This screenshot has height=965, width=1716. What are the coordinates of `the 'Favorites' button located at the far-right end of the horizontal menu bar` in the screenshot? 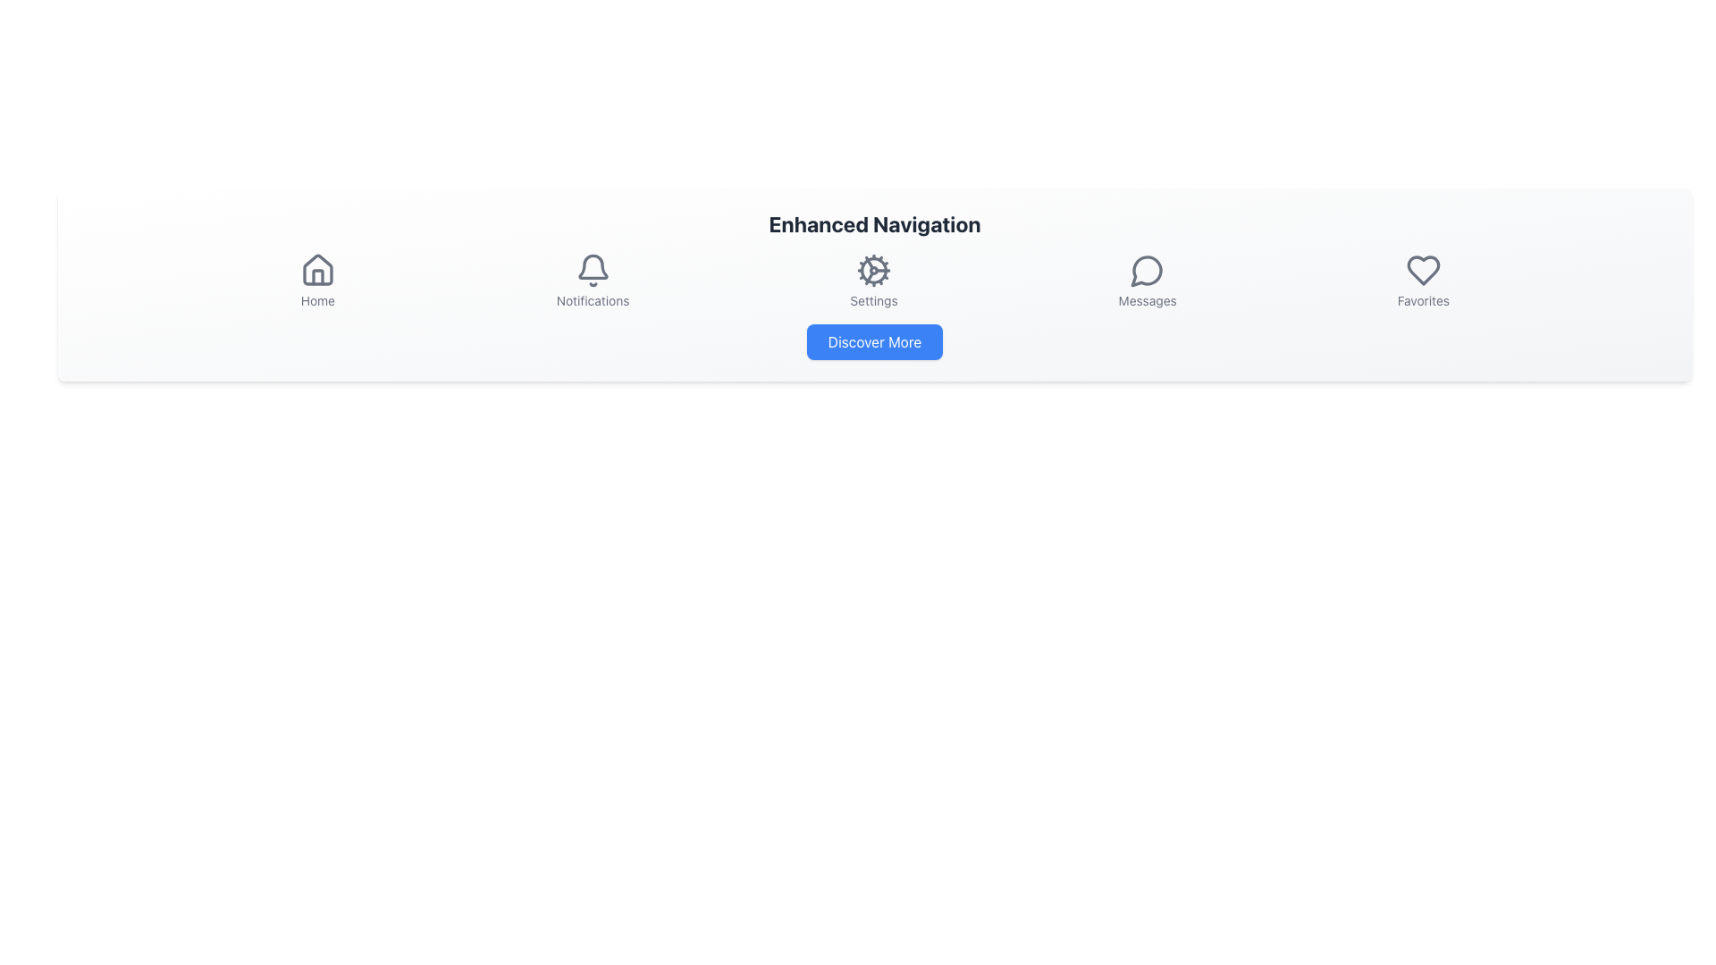 It's located at (1422, 281).